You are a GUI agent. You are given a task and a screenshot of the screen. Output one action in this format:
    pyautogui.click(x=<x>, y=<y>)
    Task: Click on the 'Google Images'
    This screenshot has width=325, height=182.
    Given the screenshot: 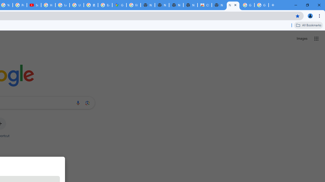 What is the action you would take?
    pyautogui.click(x=247, y=5)
    